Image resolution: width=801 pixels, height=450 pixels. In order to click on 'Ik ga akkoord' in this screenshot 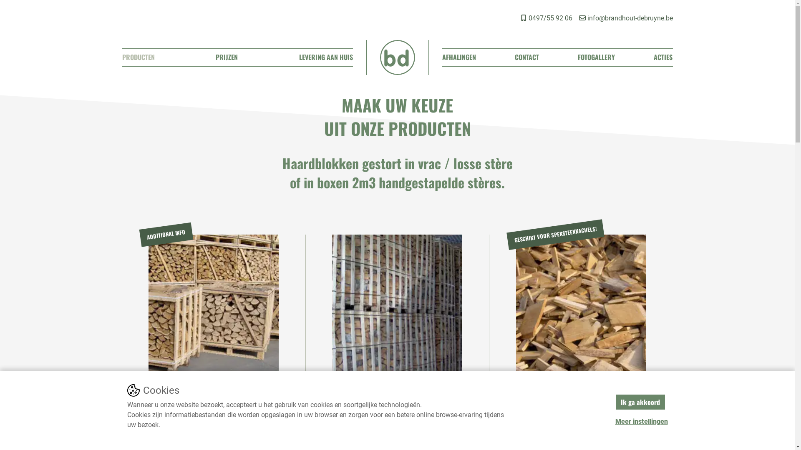, I will do `click(615, 401)`.